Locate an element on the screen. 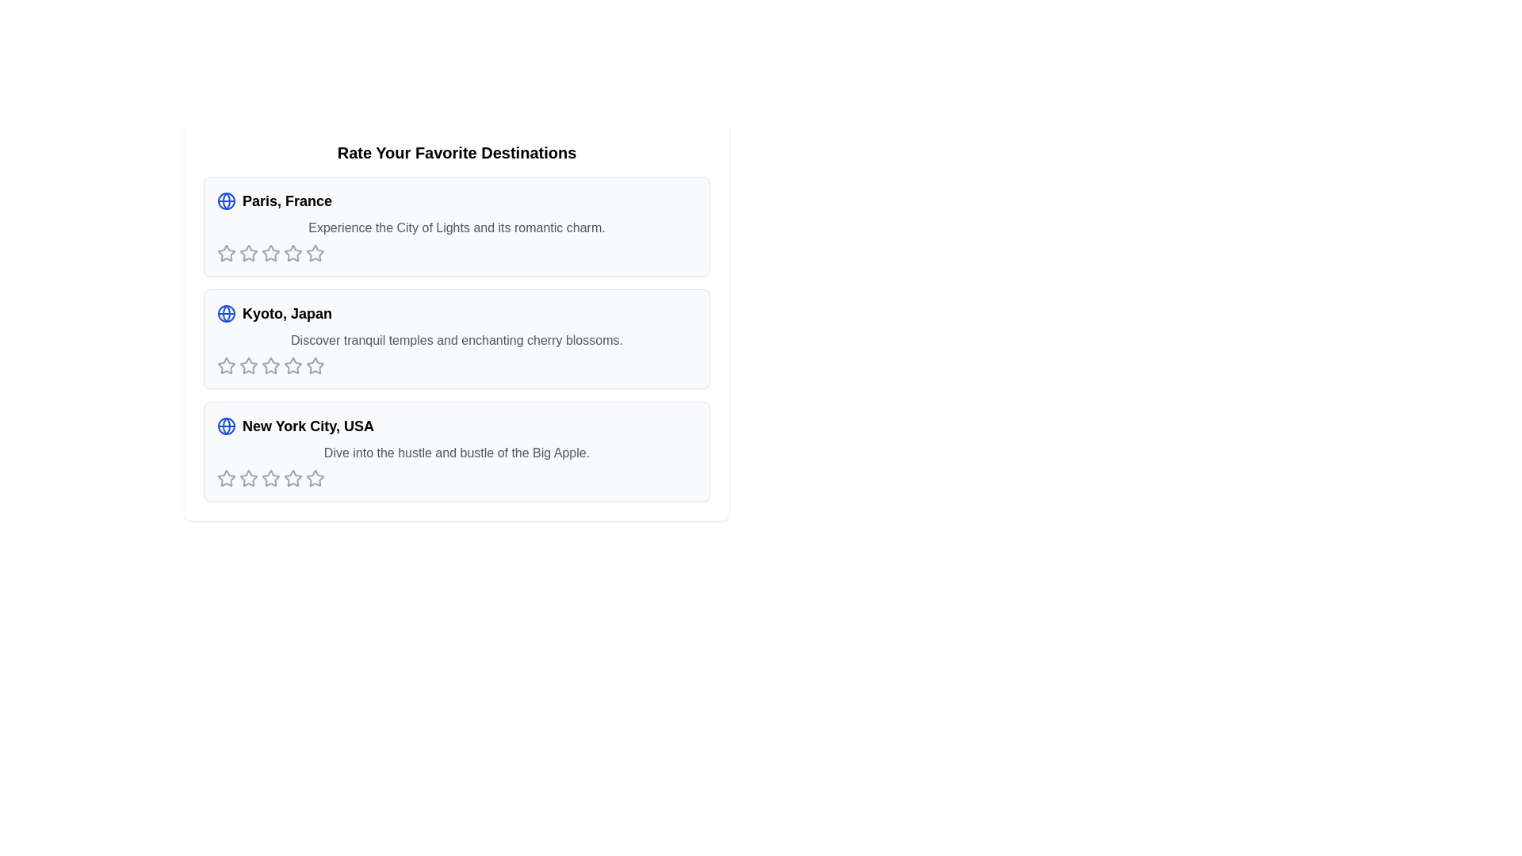 The image size is (1522, 856). across the star icons in the Rating component for 'Kyoto, Japan' is located at coordinates (456, 366).